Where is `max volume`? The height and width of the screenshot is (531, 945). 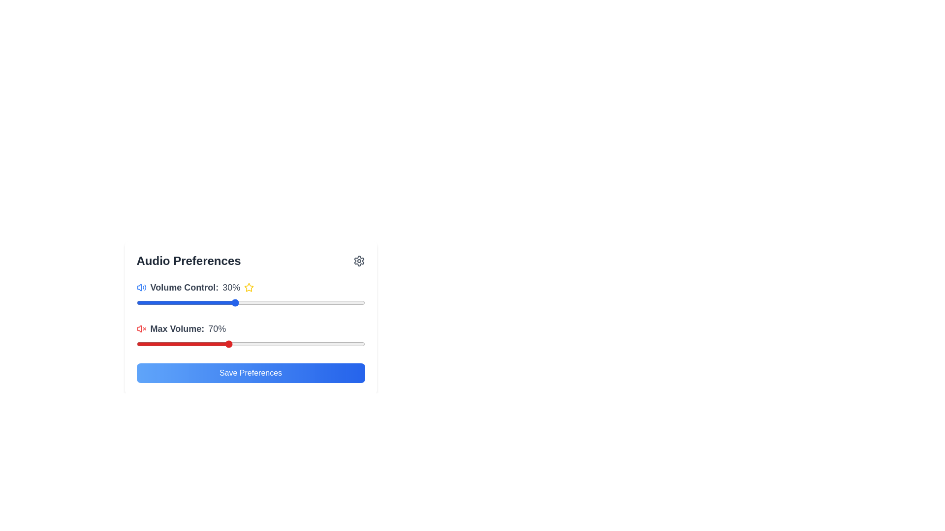
max volume is located at coordinates (177, 343).